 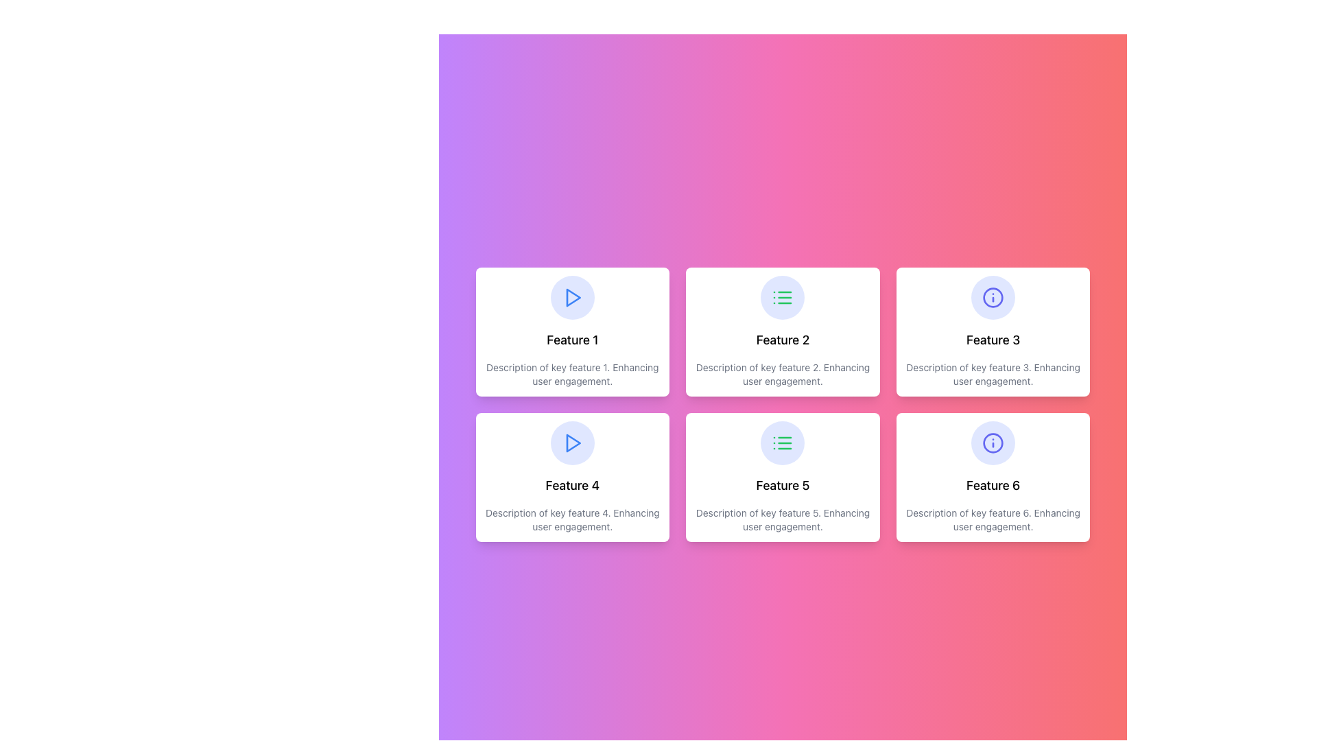 What do you see at coordinates (572, 476) in the screenshot?
I see `the first card in the second row of the three-column grid, which features a blue play symbol icon and the text 'Feature 4'` at bounding box center [572, 476].